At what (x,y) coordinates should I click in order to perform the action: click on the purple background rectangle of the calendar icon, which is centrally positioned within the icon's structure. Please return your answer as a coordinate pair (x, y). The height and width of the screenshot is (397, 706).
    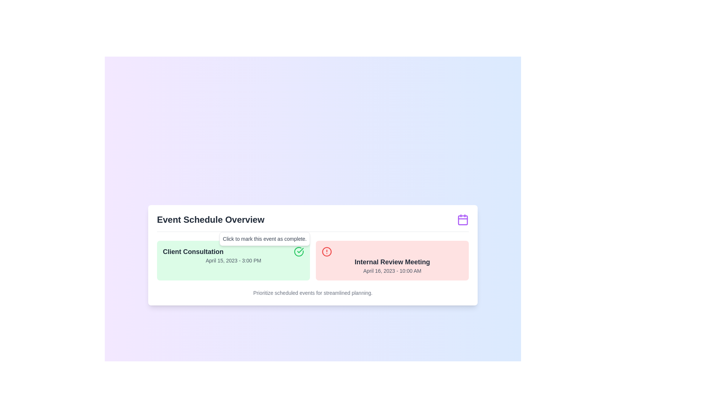
    Looking at the image, I should click on (462, 219).